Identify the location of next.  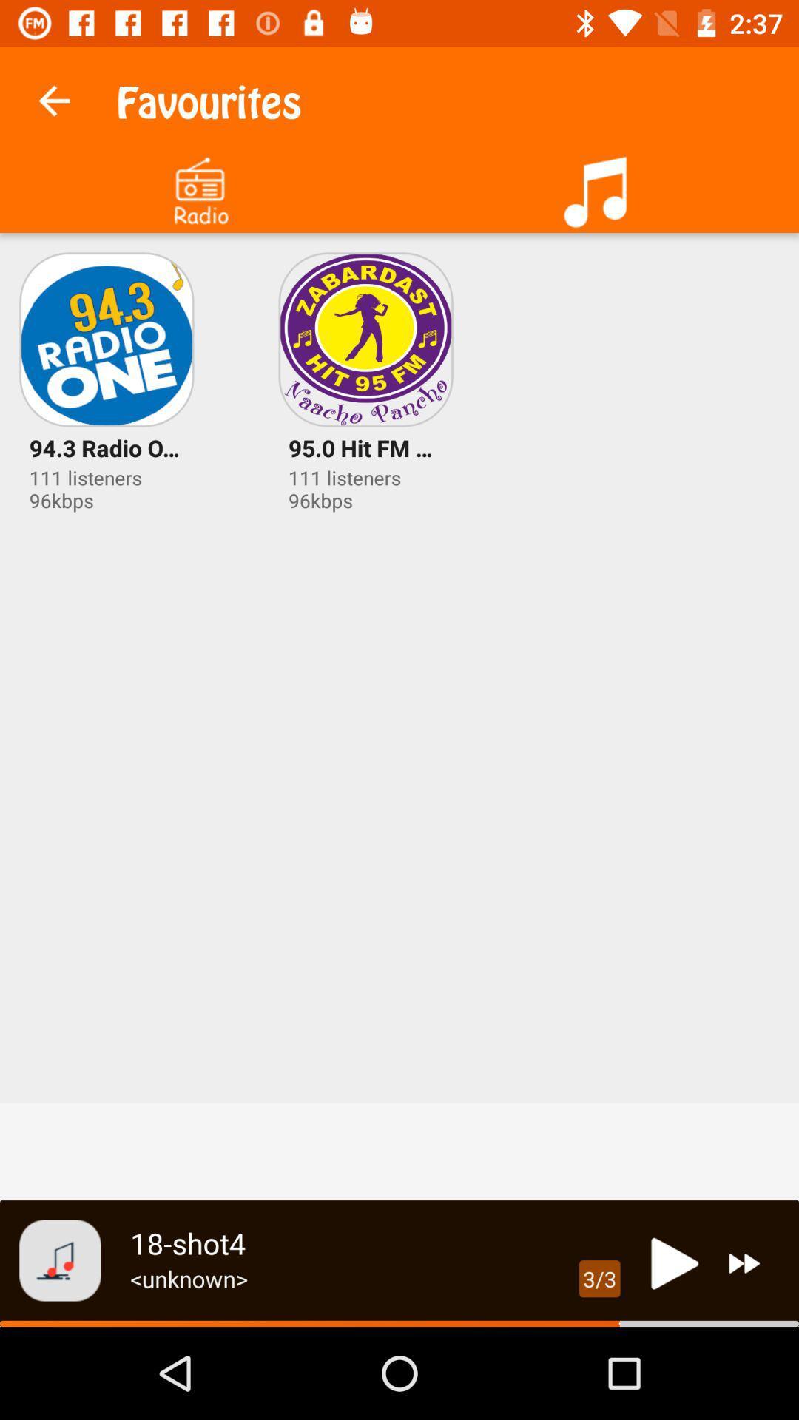
(744, 1262).